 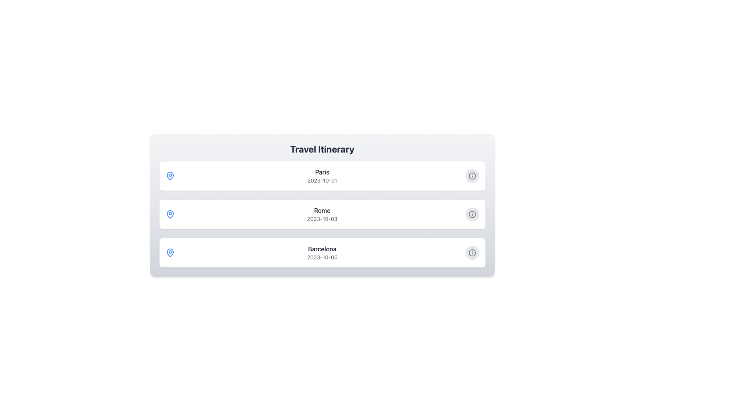 I want to click on the second travel entry card indicating 'Rome' dated '2023-10-03' in the 'Travel Itinerary' list, so click(x=322, y=204).